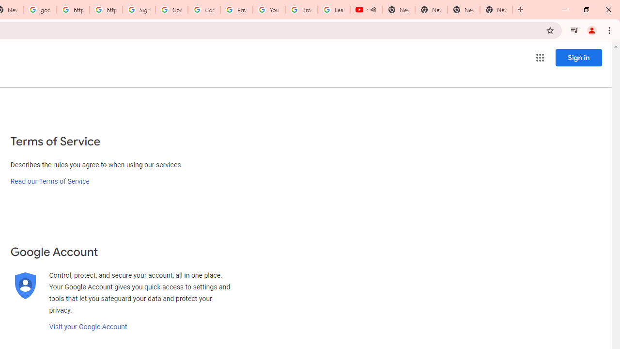 This screenshot has height=349, width=620. Describe the element at coordinates (73, 10) in the screenshot. I see `'https://scholar.google.com/'` at that location.